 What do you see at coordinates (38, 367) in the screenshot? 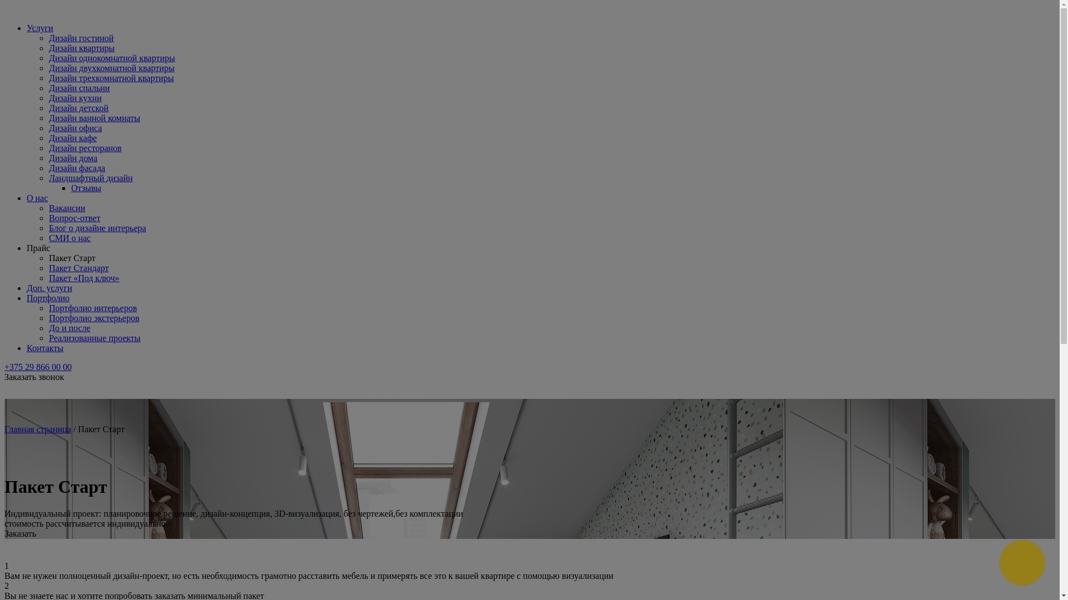
I see `'+375 29 866 00 00'` at bounding box center [38, 367].